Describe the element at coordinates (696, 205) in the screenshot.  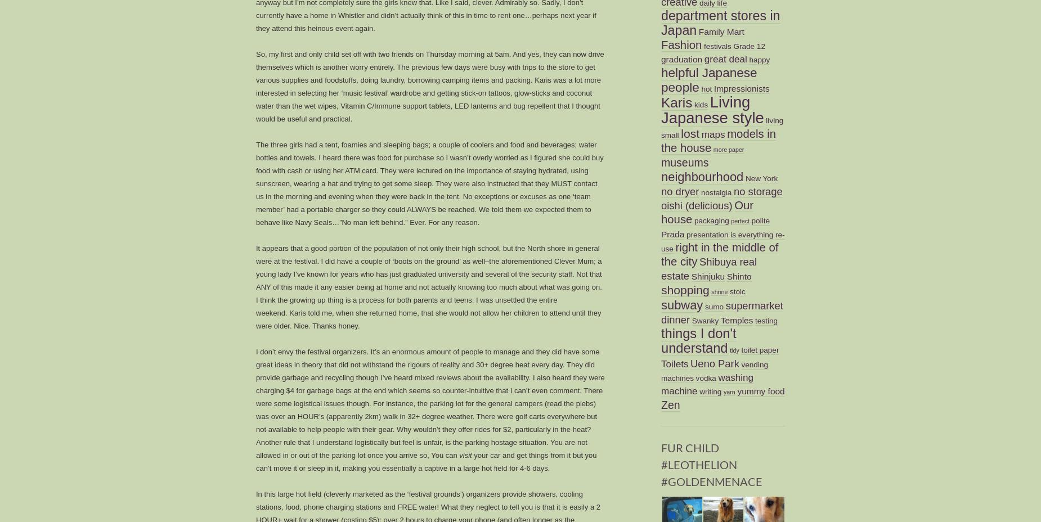
I see `'oishi (delicious)'` at that location.